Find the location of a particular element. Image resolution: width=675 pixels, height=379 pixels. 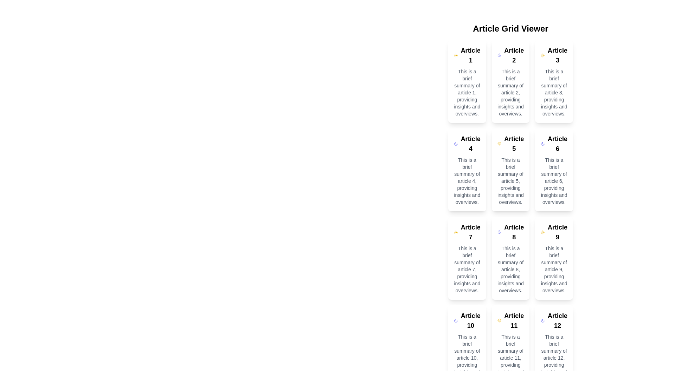

the decorative SVG icon located in the header of the 'Article 12' card in the bottom right section of the grid layout is located at coordinates (542, 321).